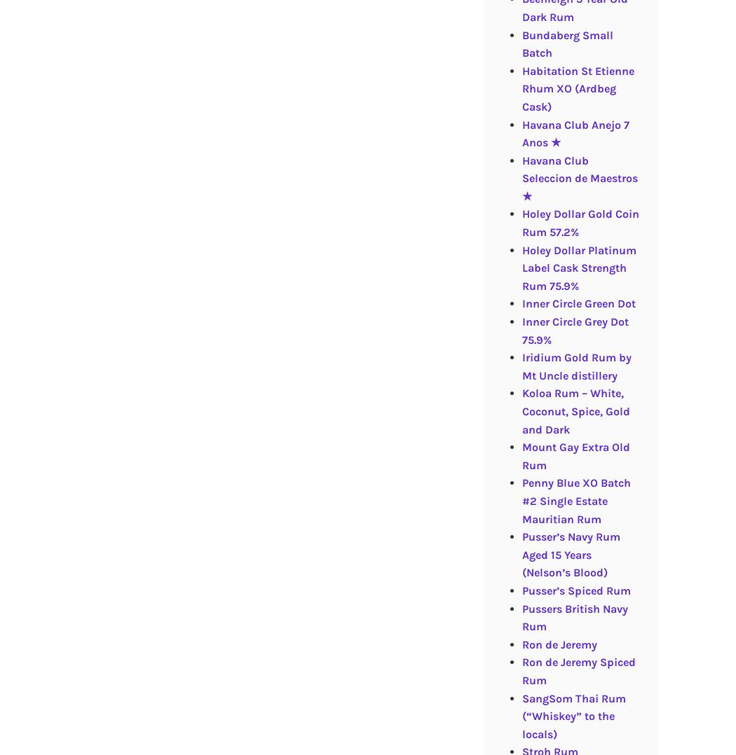  I want to click on 'Havana Club Anejo 7 Anos ★', so click(574, 132).